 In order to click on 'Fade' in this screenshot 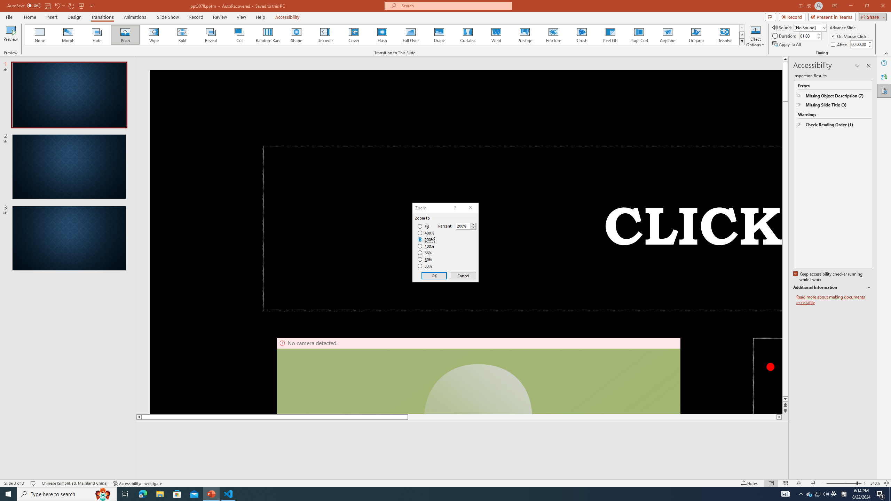, I will do `click(97, 34)`.